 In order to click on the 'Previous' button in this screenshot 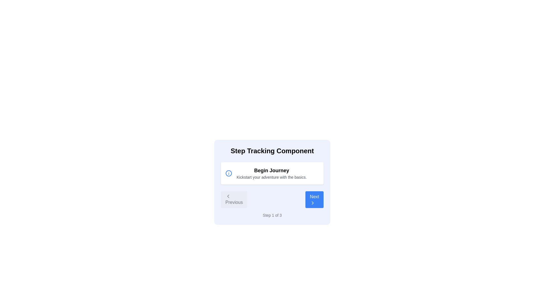, I will do `click(234, 199)`.